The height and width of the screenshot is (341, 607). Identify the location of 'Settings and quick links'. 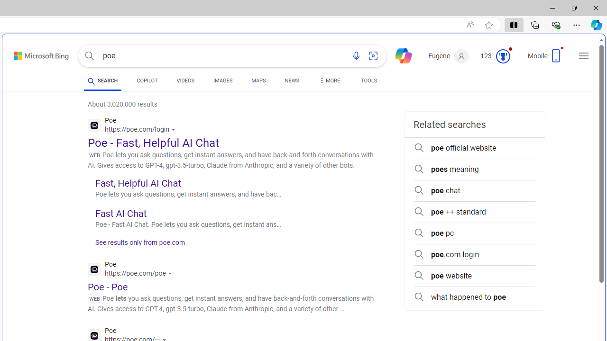
(583, 56).